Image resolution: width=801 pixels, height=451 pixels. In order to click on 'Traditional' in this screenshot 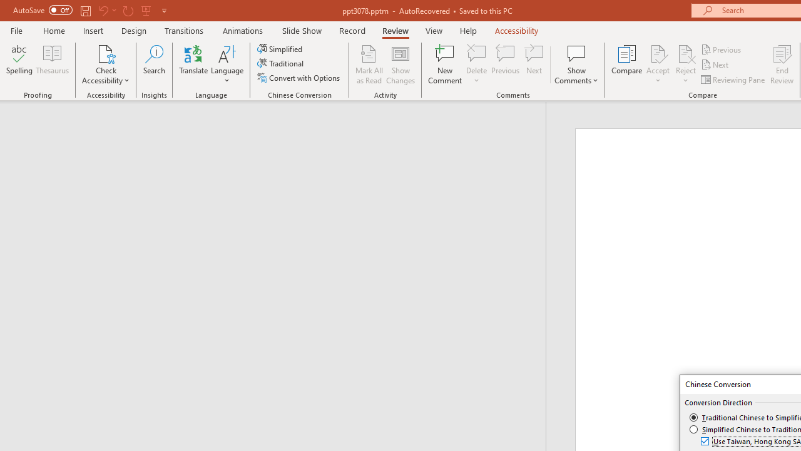, I will do `click(280, 63)`.